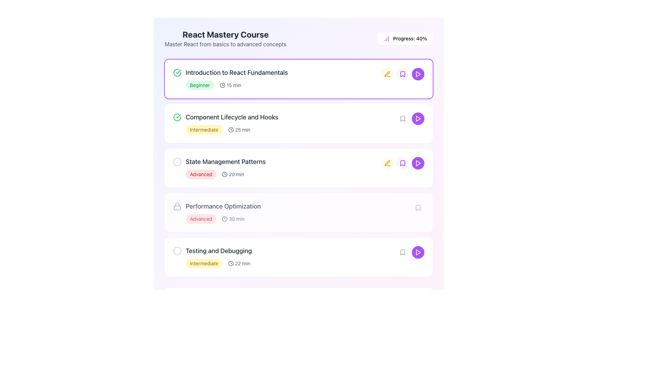 The height and width of the screenshot is (376, 669). What do you see at coordinates (285, 123) in the screenshot?
I see `the title of the course module, which is the second entry in the list of educational program modules` at bounding box center [285, 123].